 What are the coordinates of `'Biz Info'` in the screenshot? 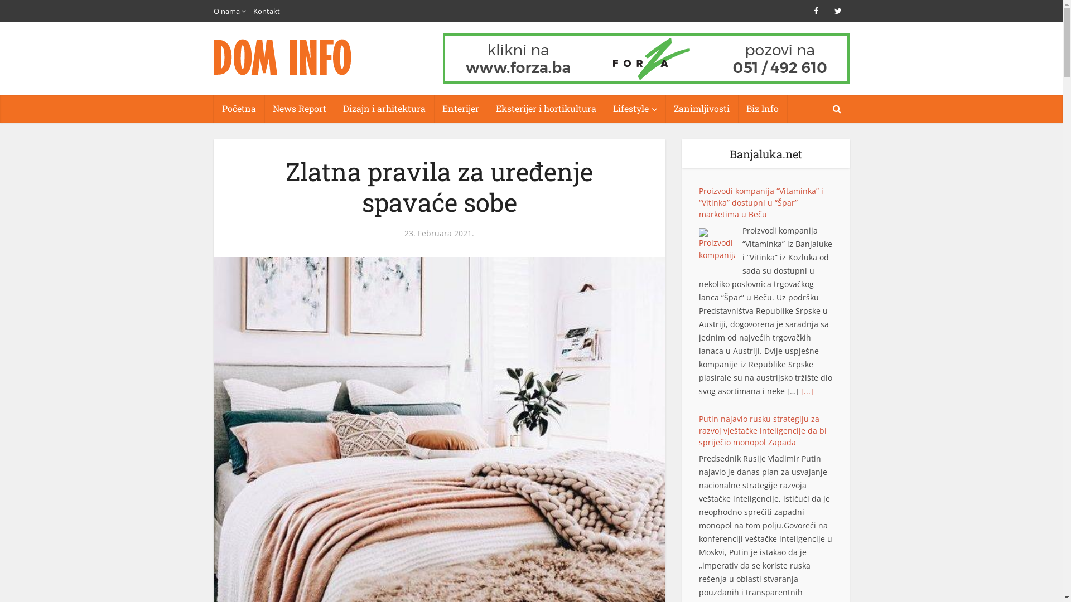 It's located at (761, 109).